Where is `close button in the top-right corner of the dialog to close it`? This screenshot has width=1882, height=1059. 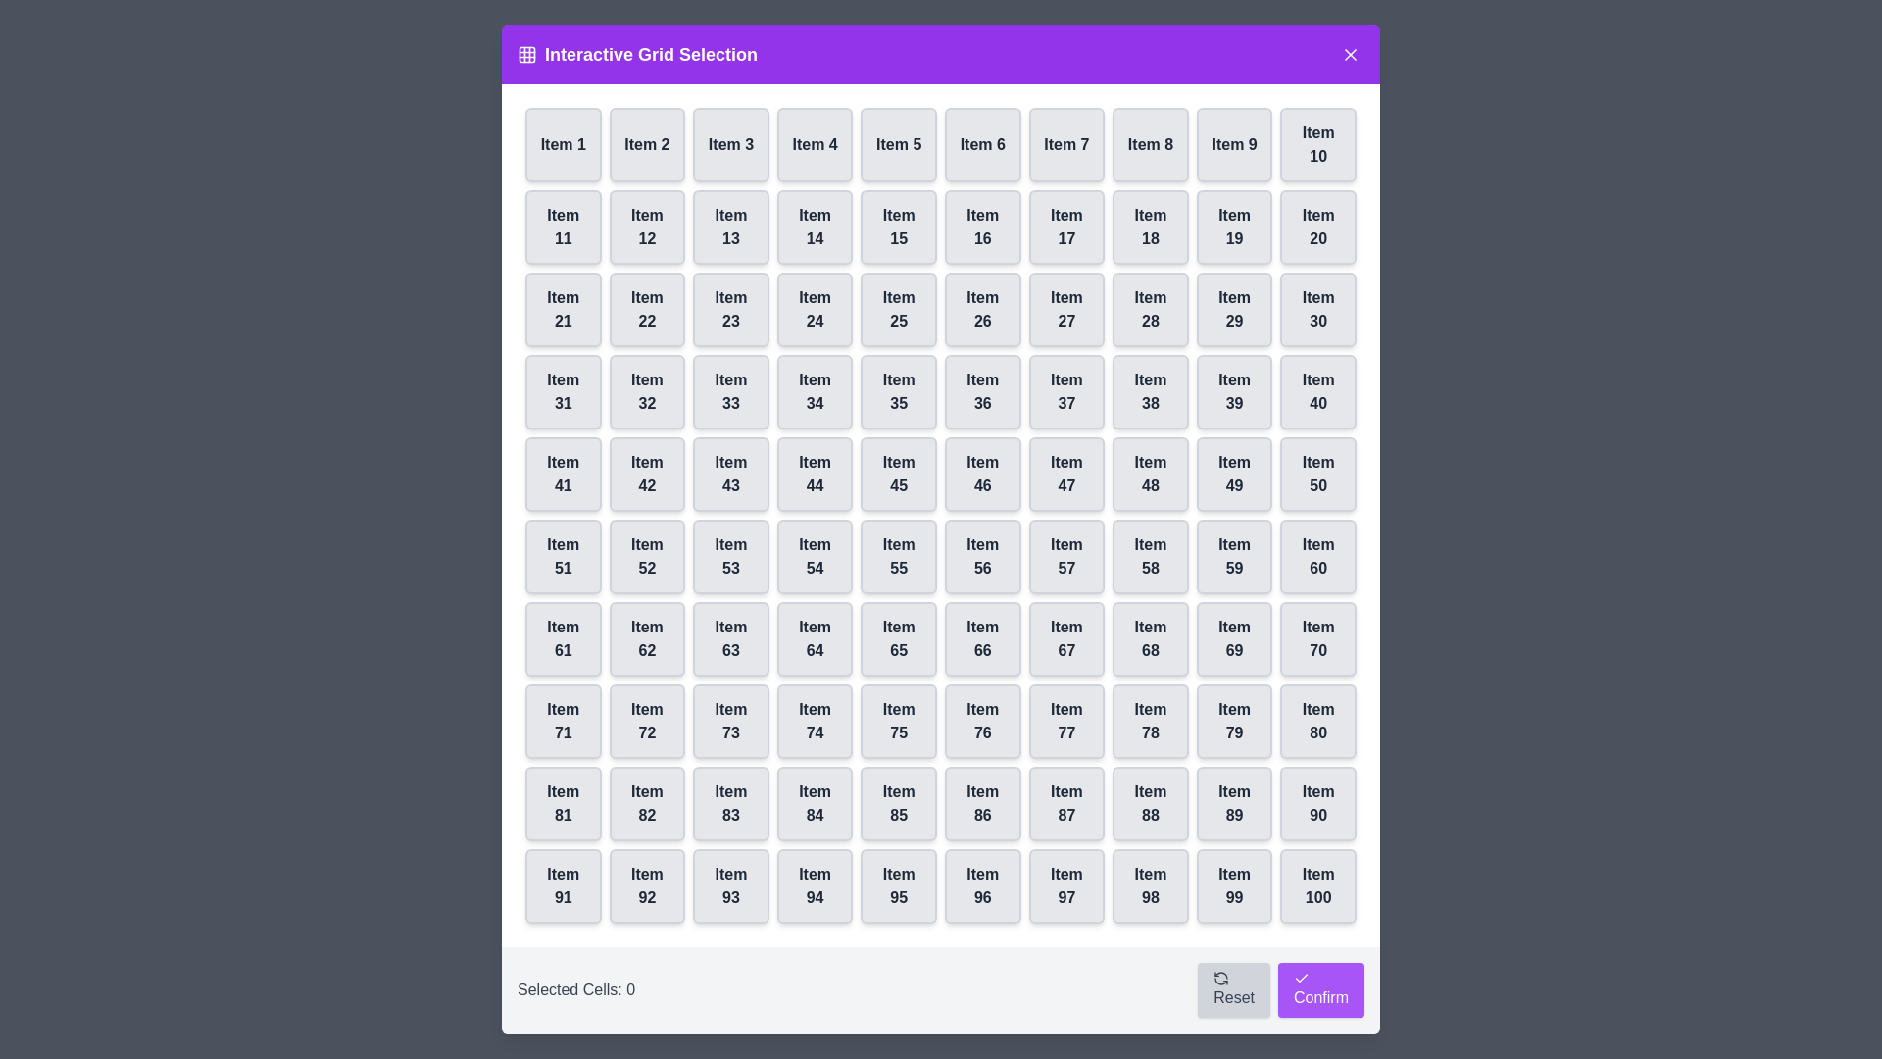 close button in the top-right corner of the dialog to close it is located at coordinates (1349, 54).